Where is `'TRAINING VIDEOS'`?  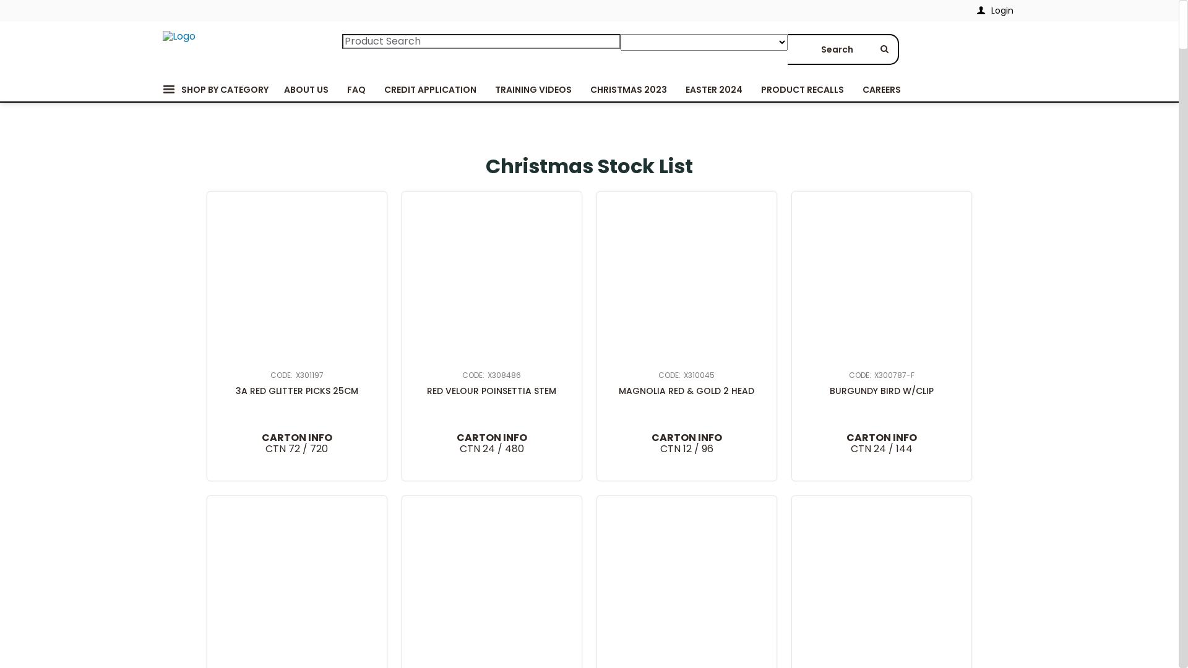 'TRAINING VIDEOS' is located at coordinates (532, 89).